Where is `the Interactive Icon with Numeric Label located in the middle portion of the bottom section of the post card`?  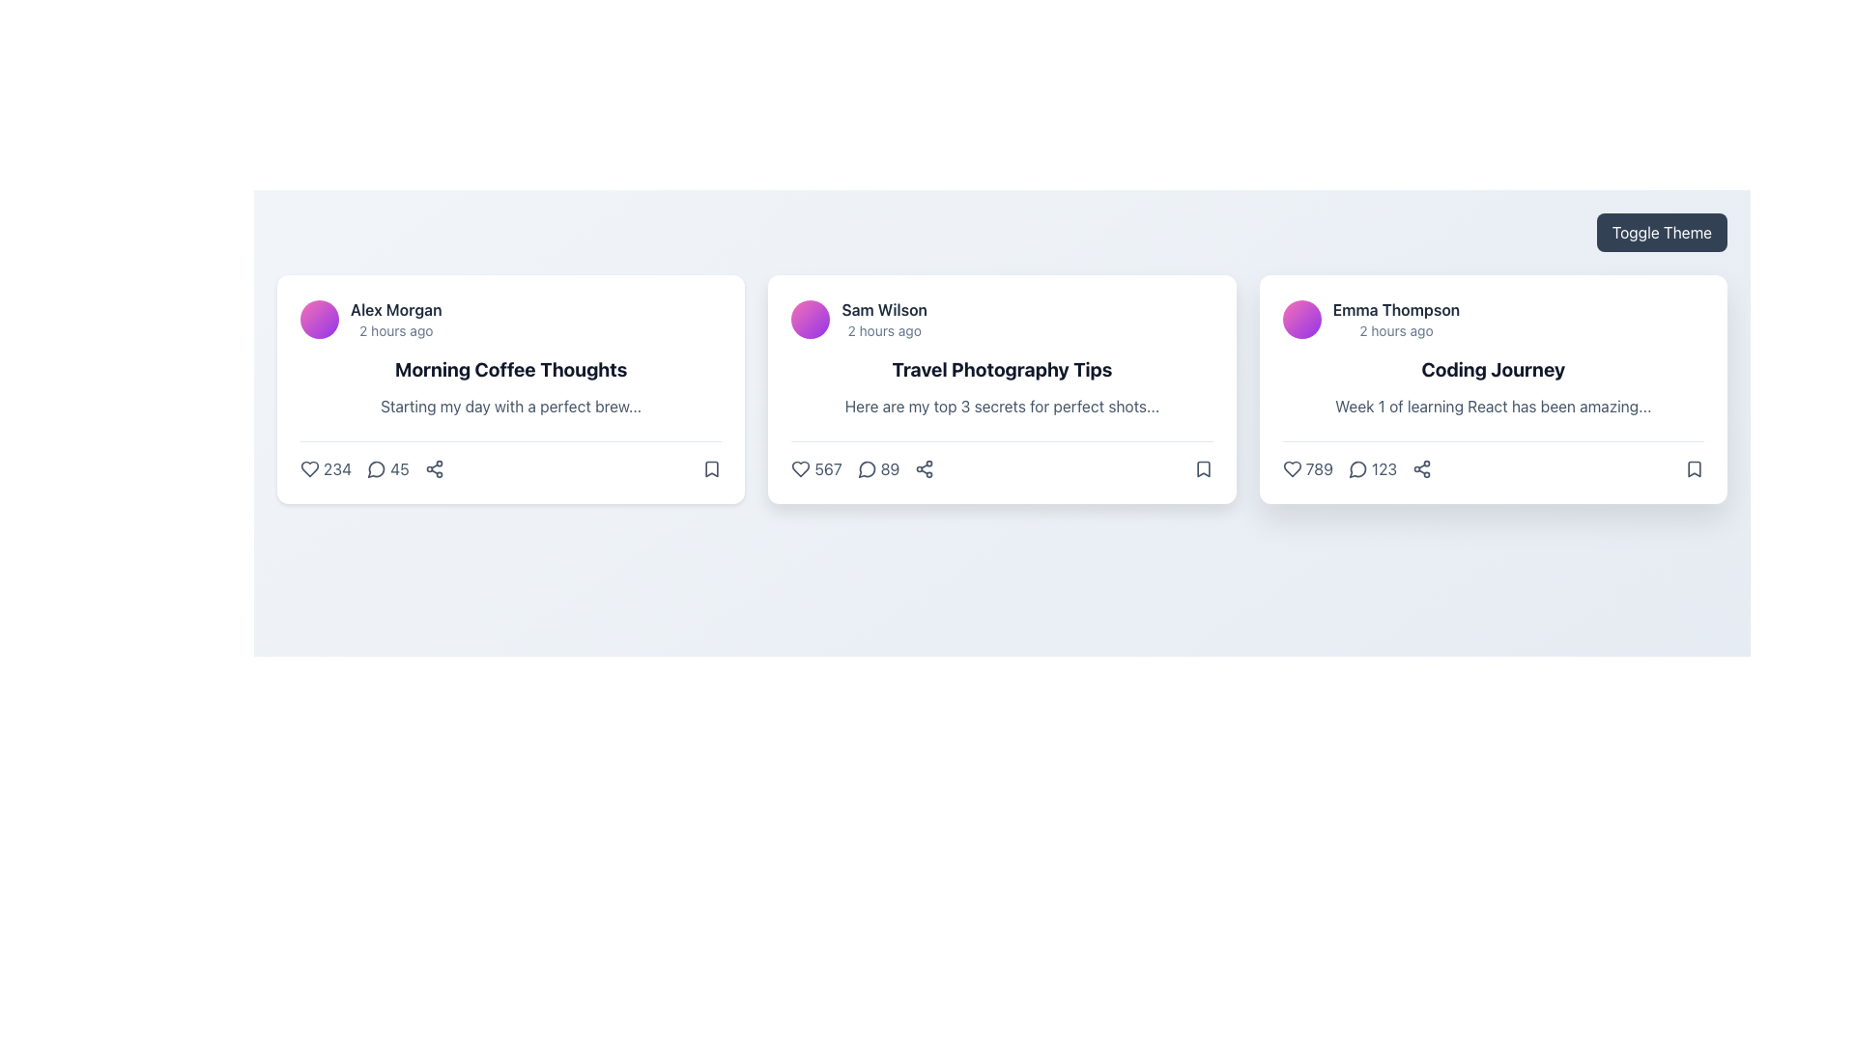
the Interactive Icon with Numeric Label located in the middle portion of the bottom section of the post card is located at coordinates (372, 469).